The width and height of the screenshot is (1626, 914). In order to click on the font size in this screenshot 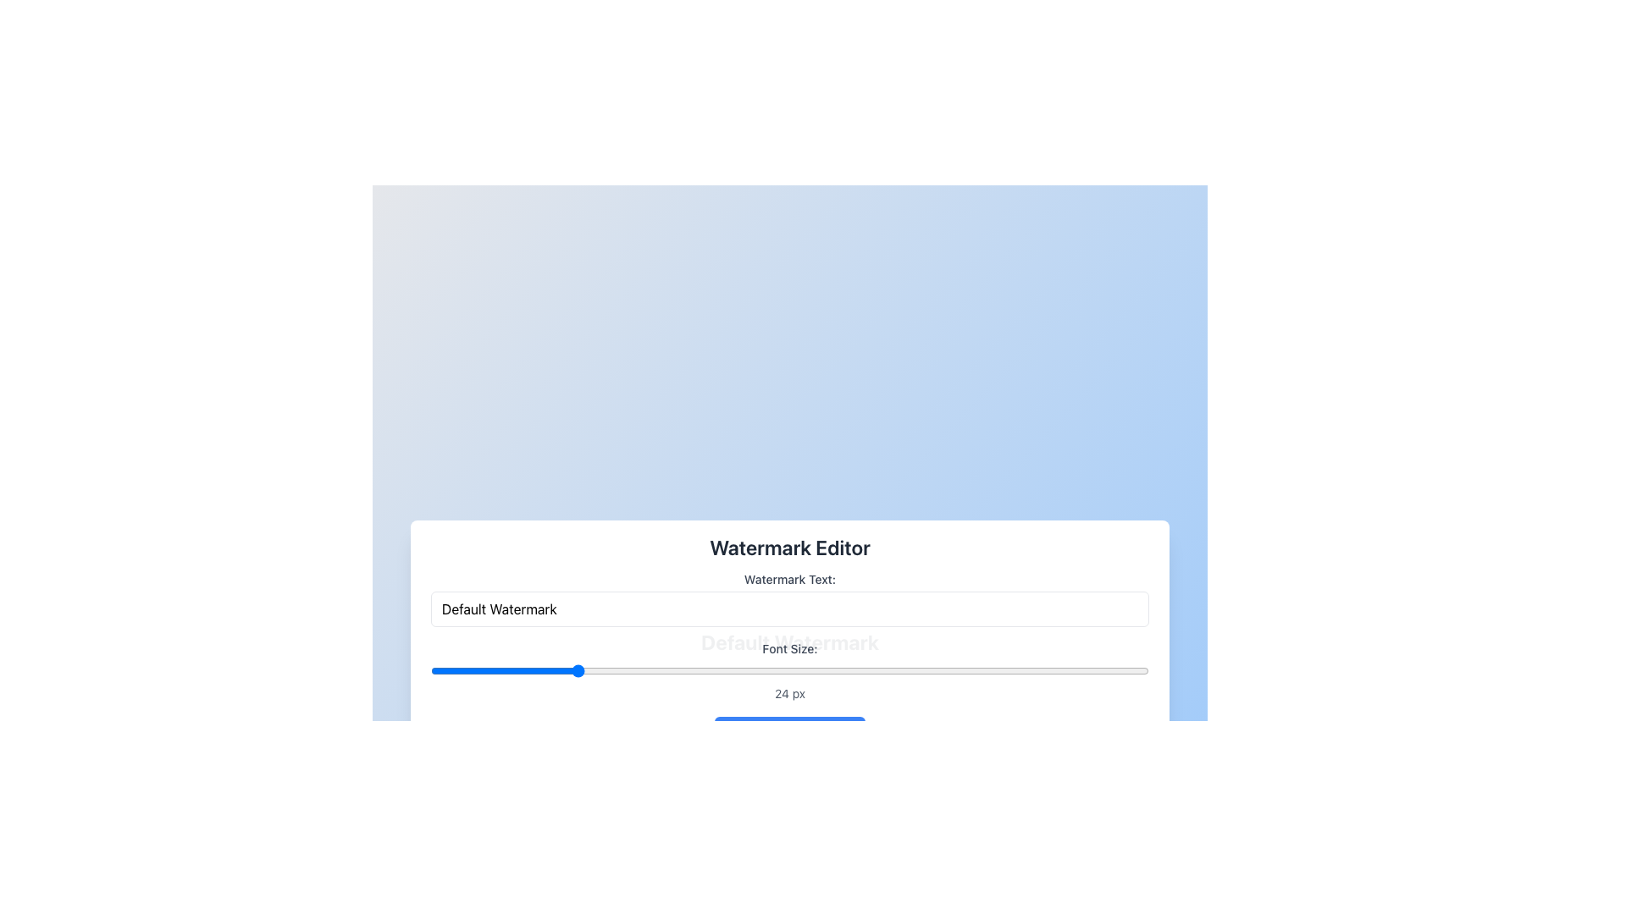, I will do `click(635, 670)`.